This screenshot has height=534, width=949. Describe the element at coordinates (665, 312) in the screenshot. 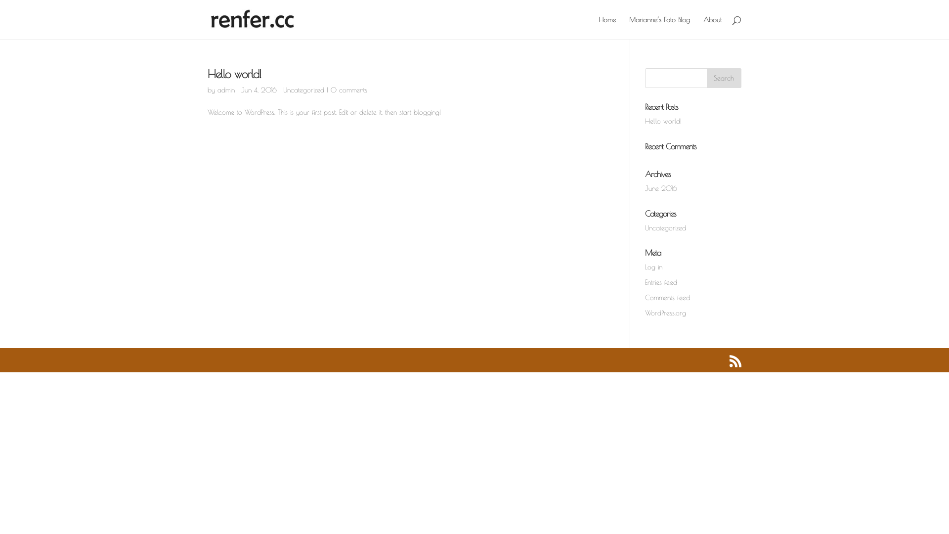

I see `'WordPress.org'` at that location.